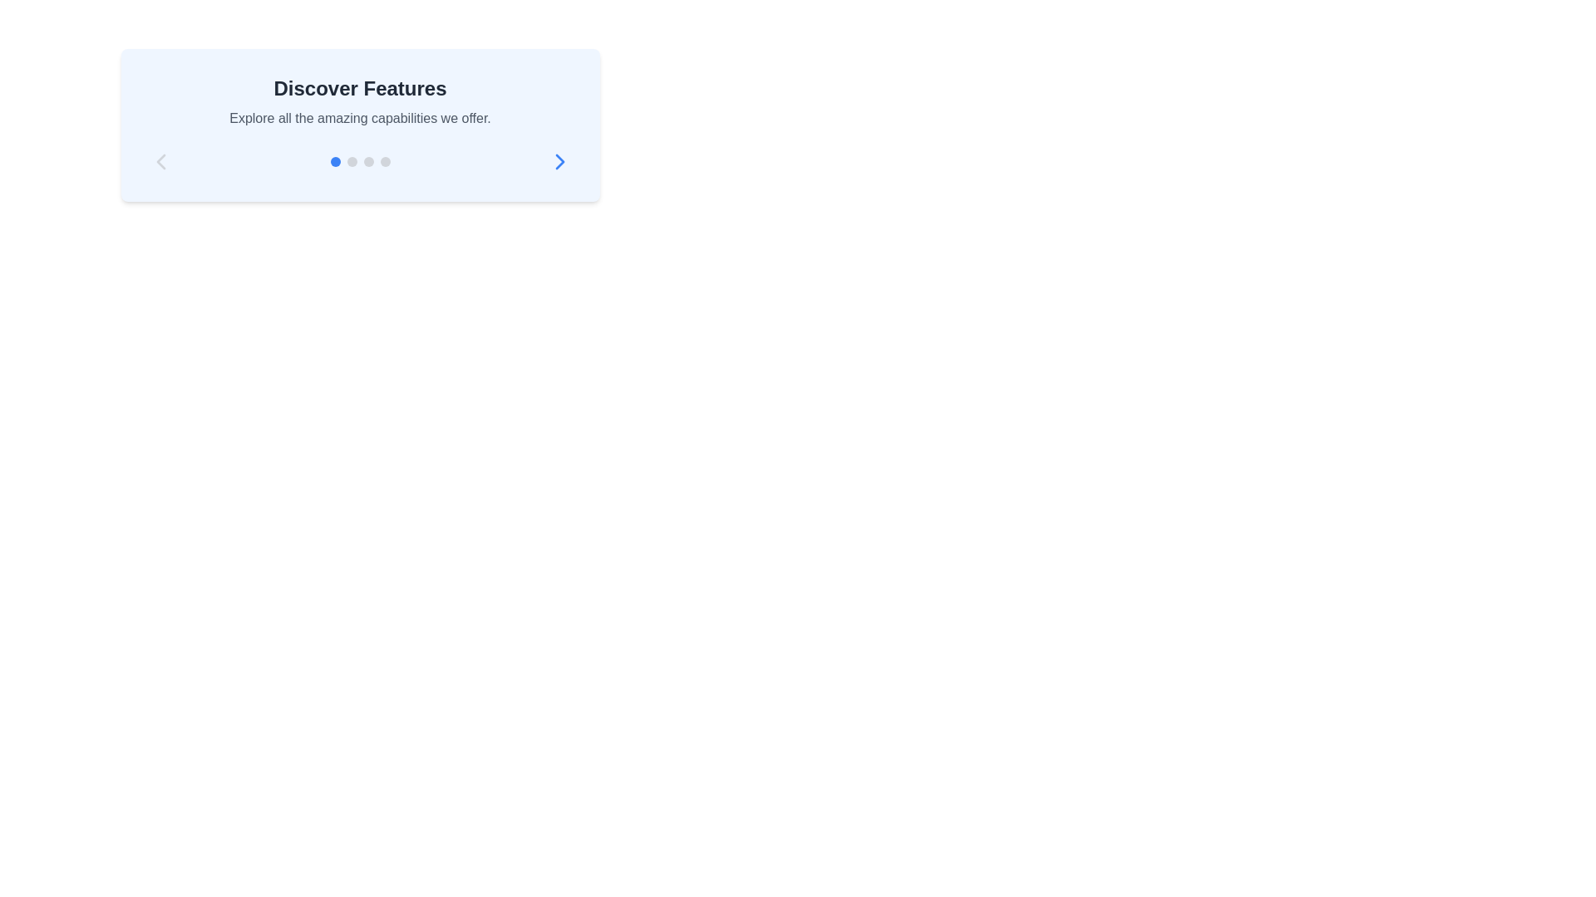  Describe the element at coordinates (359, 162) in the screenshot. I see `the active state of the navigation indicator group located below the 'Discover Features' header and above the navigation controls` at that location.